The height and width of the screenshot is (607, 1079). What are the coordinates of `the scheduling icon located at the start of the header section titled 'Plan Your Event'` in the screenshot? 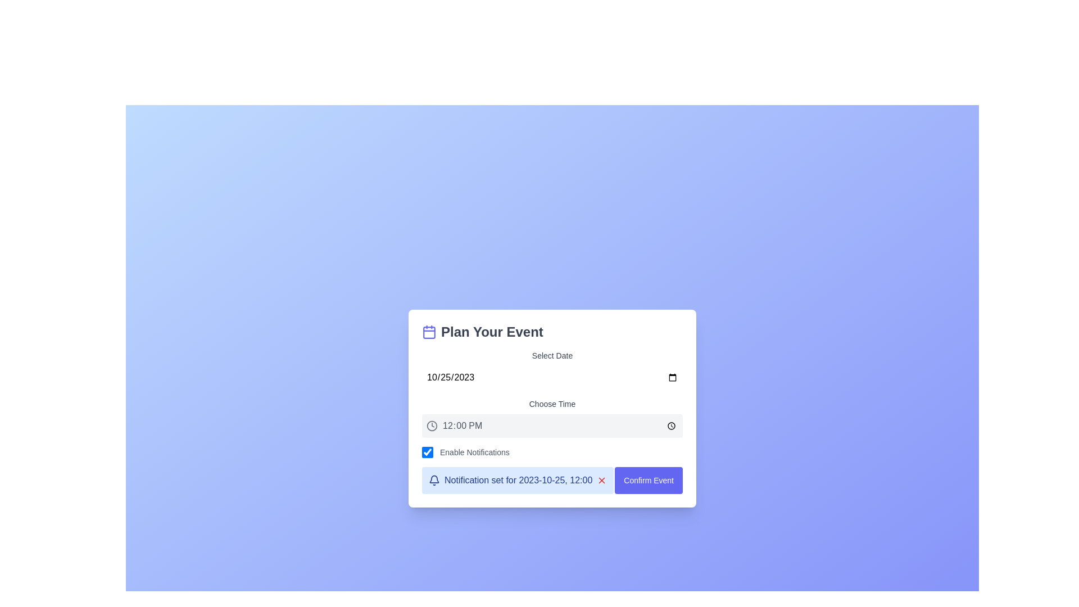 It's located at (428, 331).